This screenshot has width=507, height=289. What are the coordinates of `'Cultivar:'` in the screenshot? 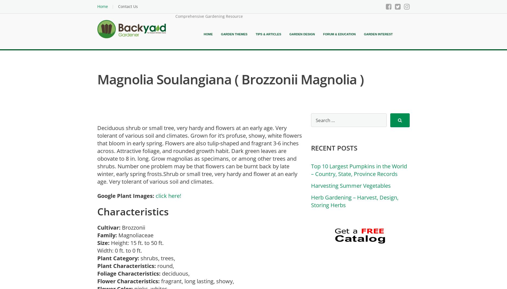 It's located at (109, 227).